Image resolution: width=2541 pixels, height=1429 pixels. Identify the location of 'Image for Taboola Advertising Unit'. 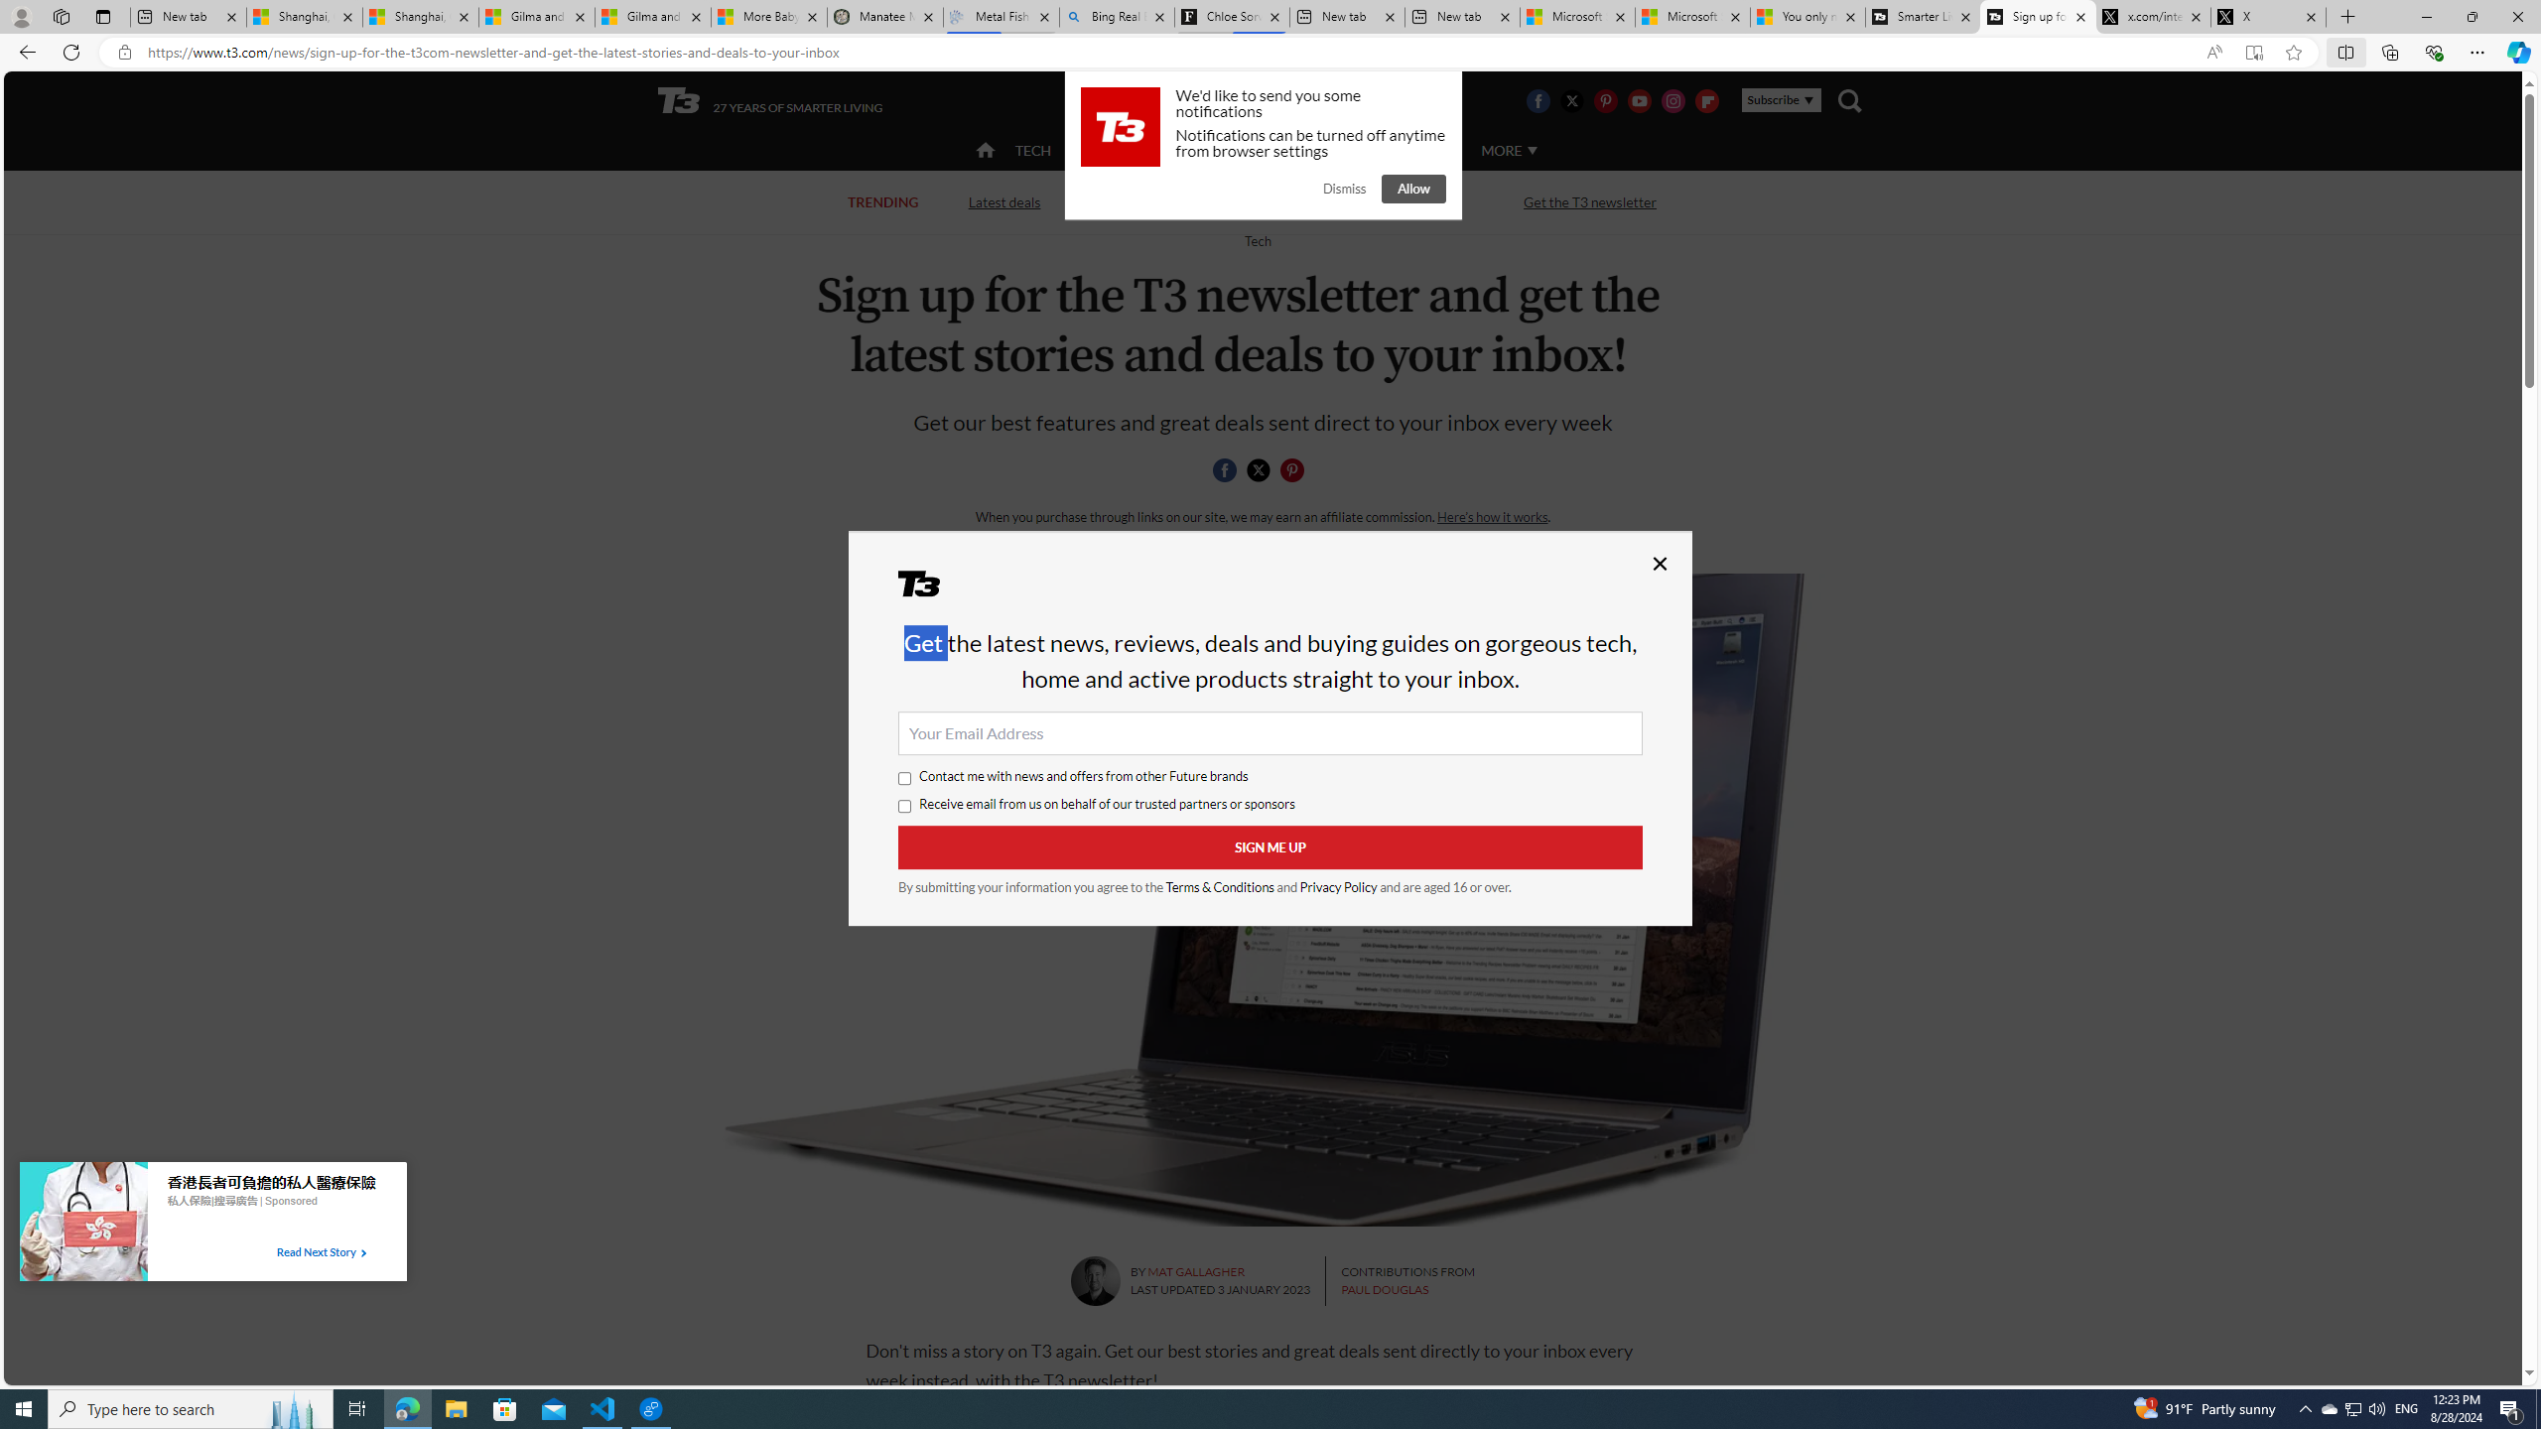
(82, 1225).